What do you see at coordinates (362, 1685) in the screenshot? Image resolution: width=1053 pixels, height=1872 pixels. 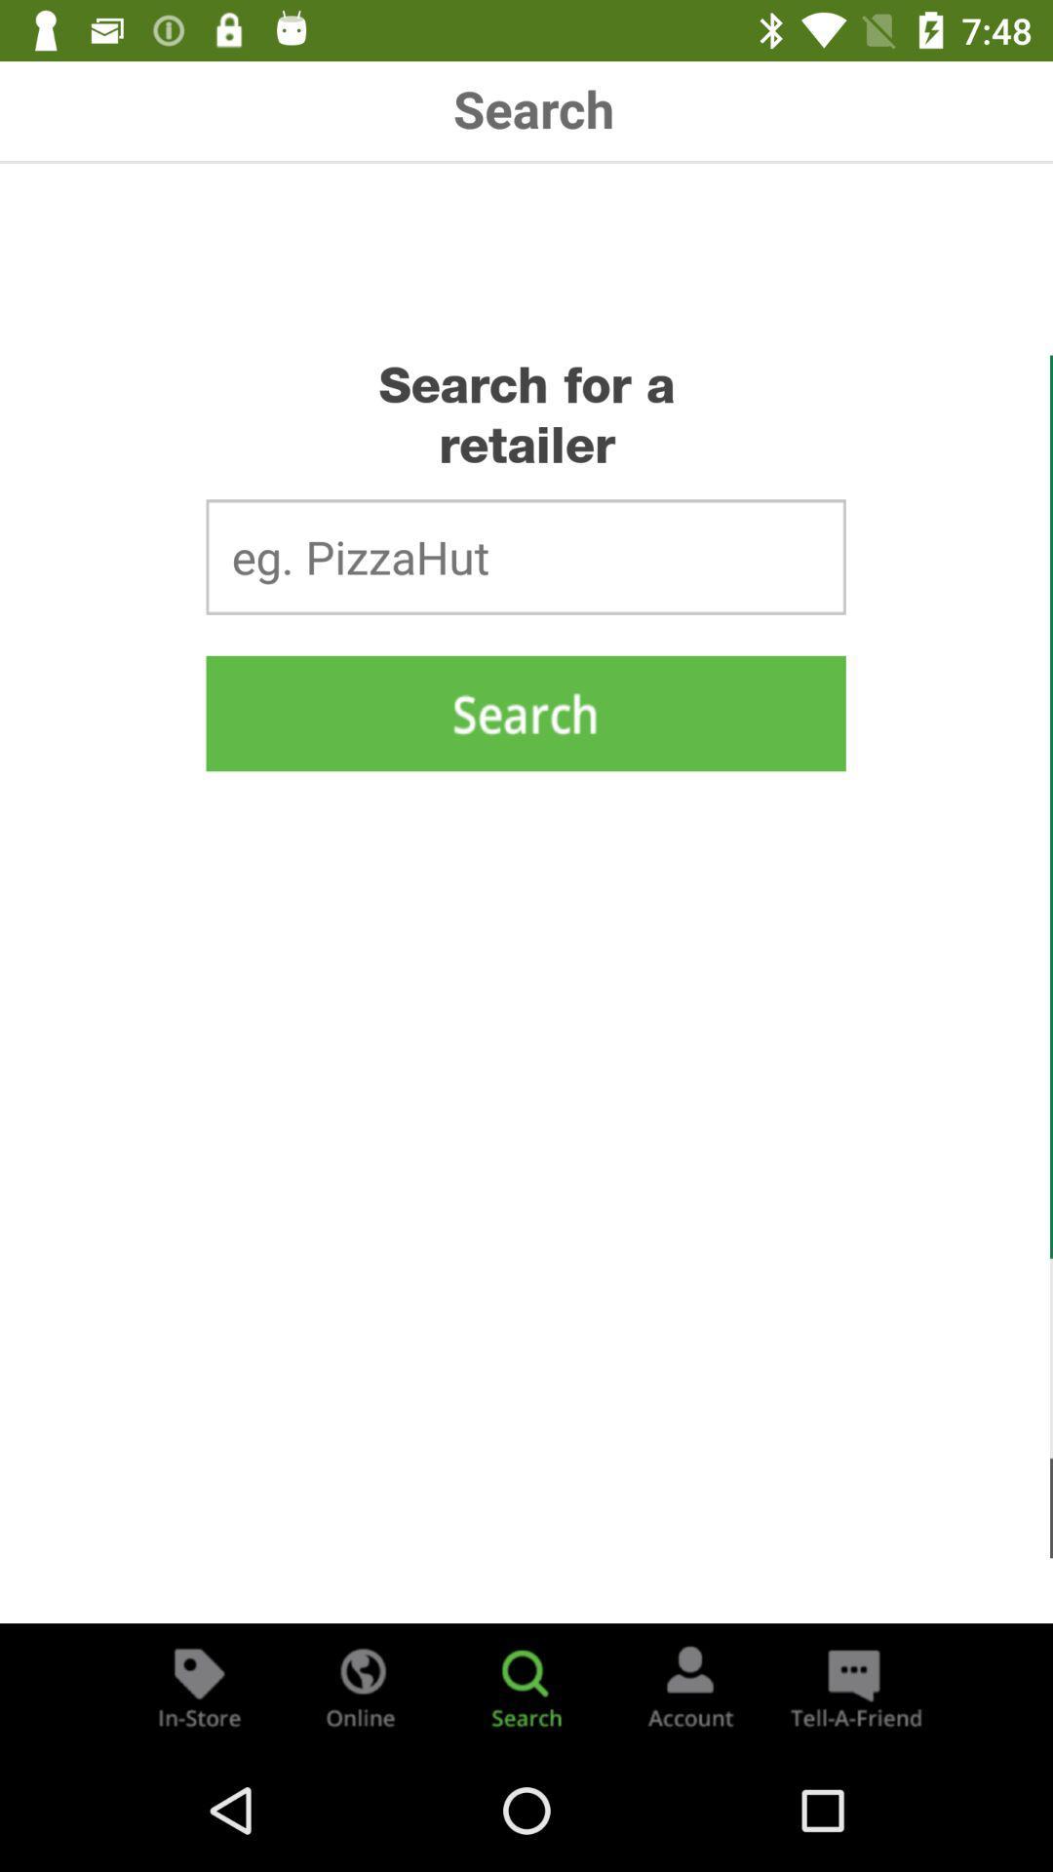 I see `show online discounts` at bounding box center [362, 1685].